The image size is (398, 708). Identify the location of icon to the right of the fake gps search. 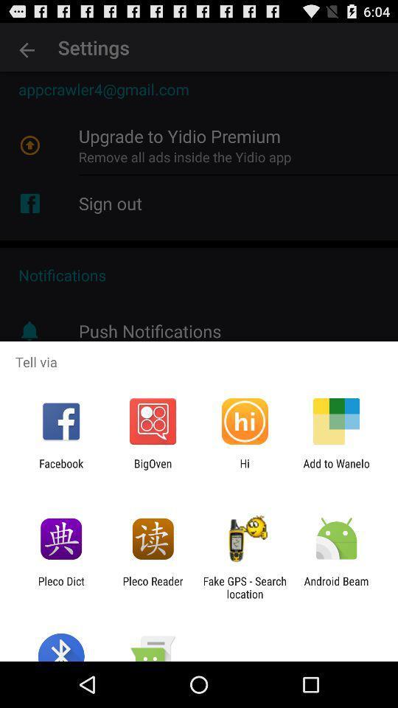
(336, 587).